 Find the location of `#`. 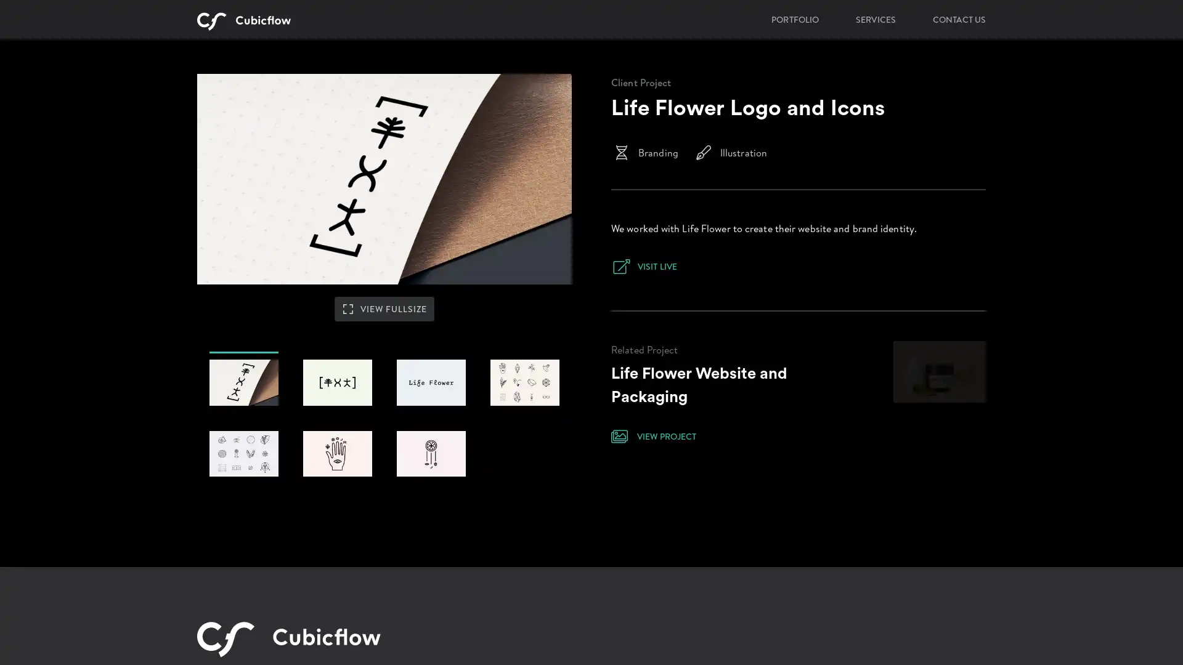

# is located at coordinates (243, 424).